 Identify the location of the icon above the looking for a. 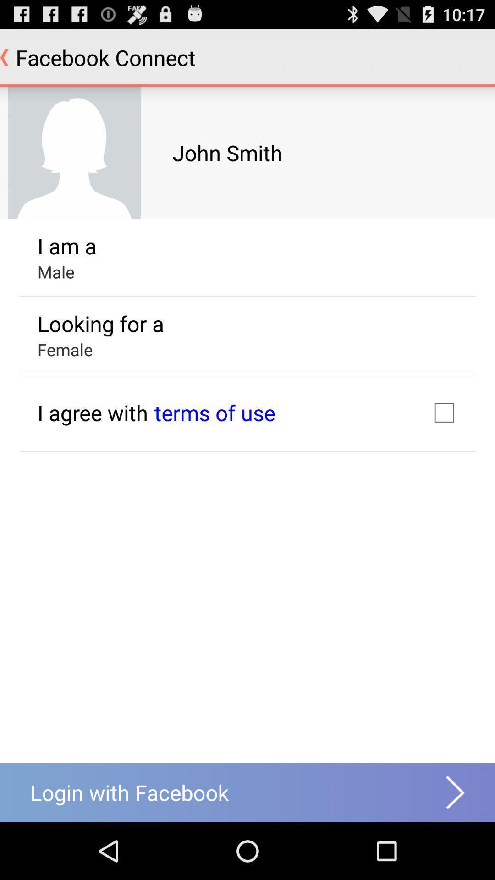
(56, 271).